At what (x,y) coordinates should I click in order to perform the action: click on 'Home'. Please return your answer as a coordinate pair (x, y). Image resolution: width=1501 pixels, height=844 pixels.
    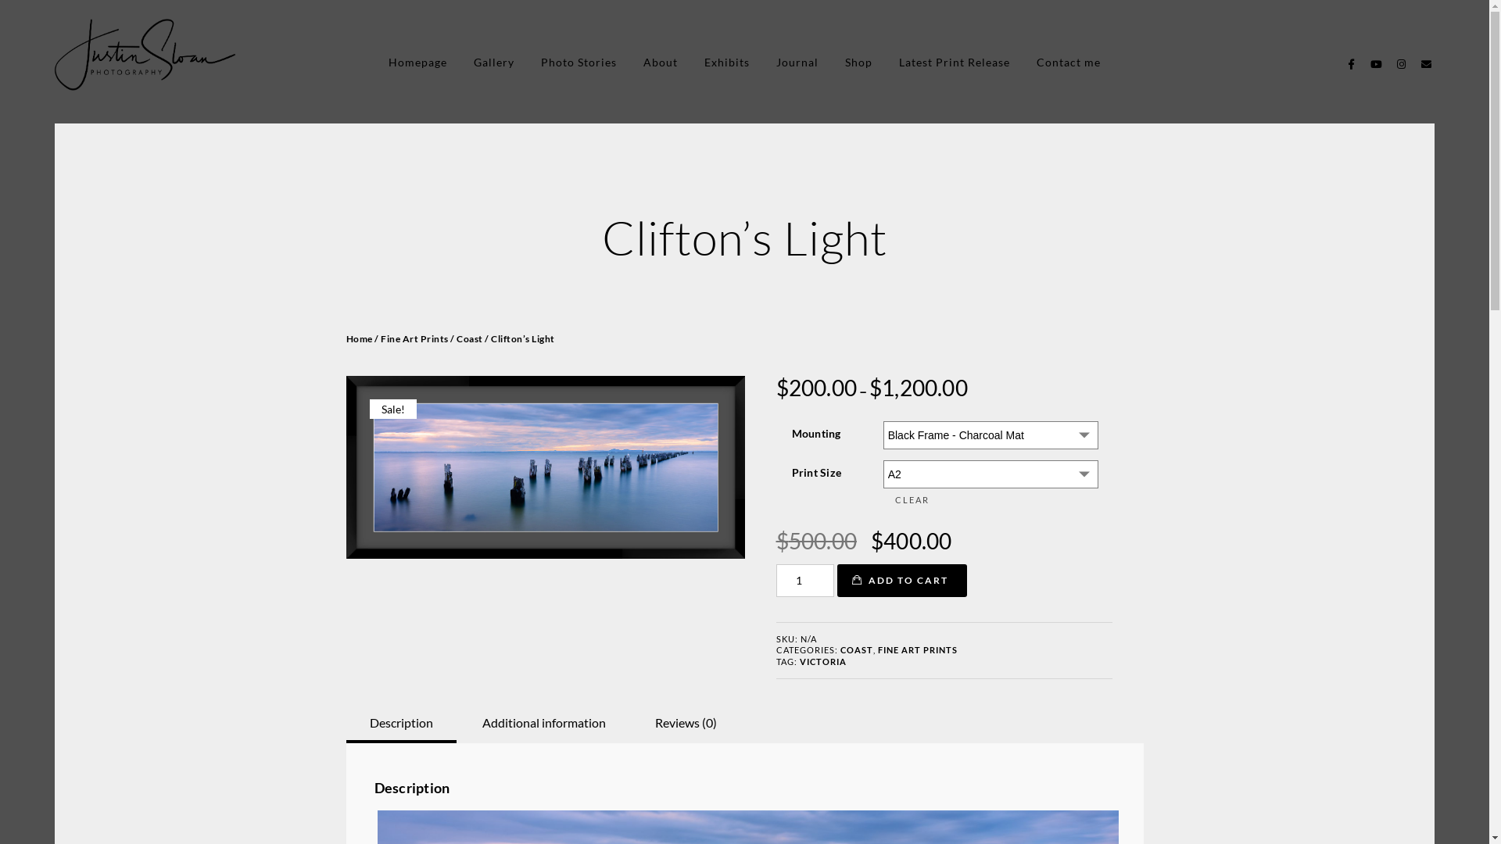
    Looking at the image, I should click on (358, 338).